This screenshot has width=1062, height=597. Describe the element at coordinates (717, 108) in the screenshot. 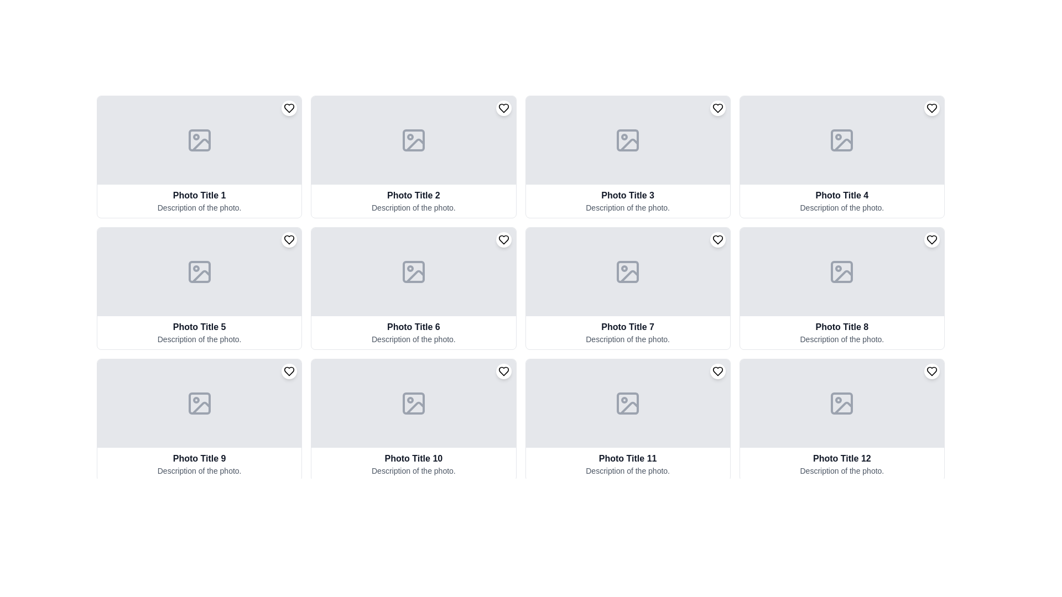

I see `the heart icon button located in the top-right corner of the third image card titled 'Photo Title 3' to trigger the favorite action` at that location.